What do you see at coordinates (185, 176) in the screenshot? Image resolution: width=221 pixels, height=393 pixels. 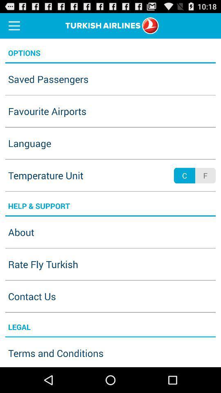 I see `item to the left of the f app` at bounding box center [185, 176].